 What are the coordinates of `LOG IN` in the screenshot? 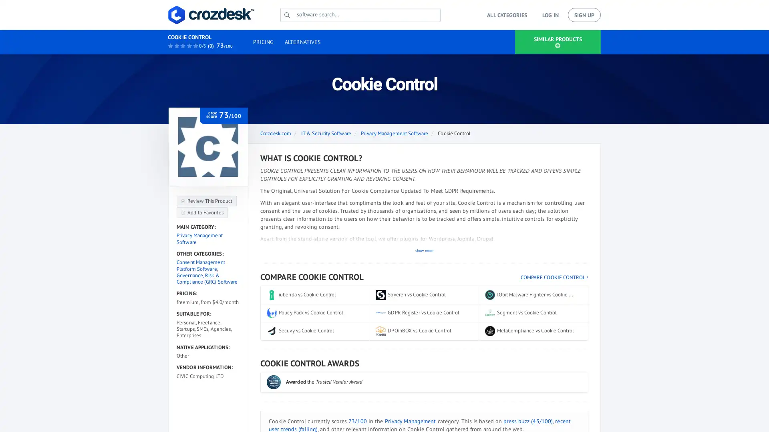 It's located at (550, 15).